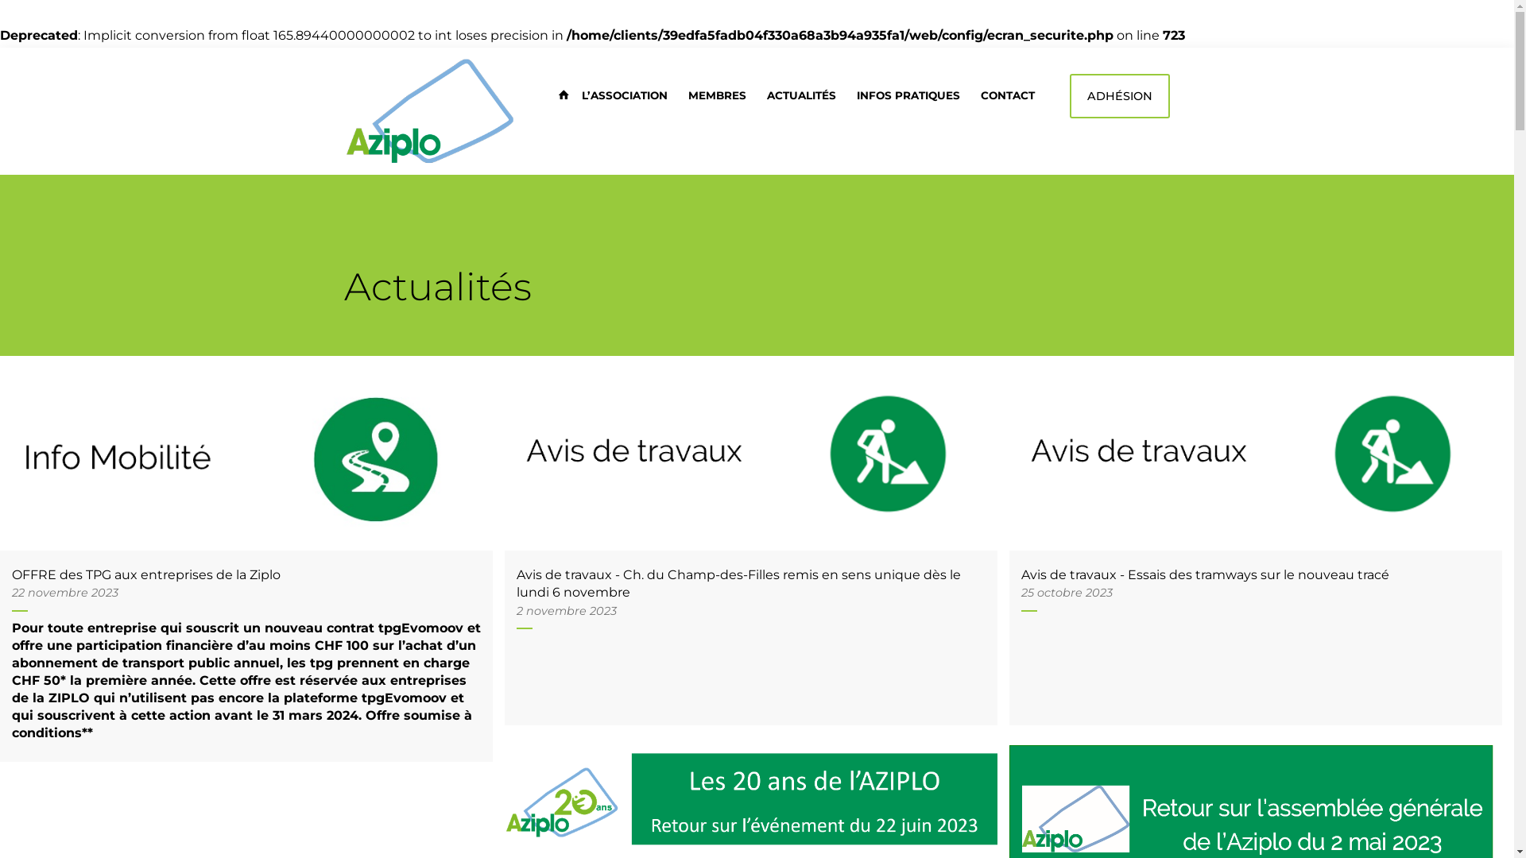 The width and height of the screenshot is (1526, 858). I want to click on 'AZIPLO logo', so click(430, 110).